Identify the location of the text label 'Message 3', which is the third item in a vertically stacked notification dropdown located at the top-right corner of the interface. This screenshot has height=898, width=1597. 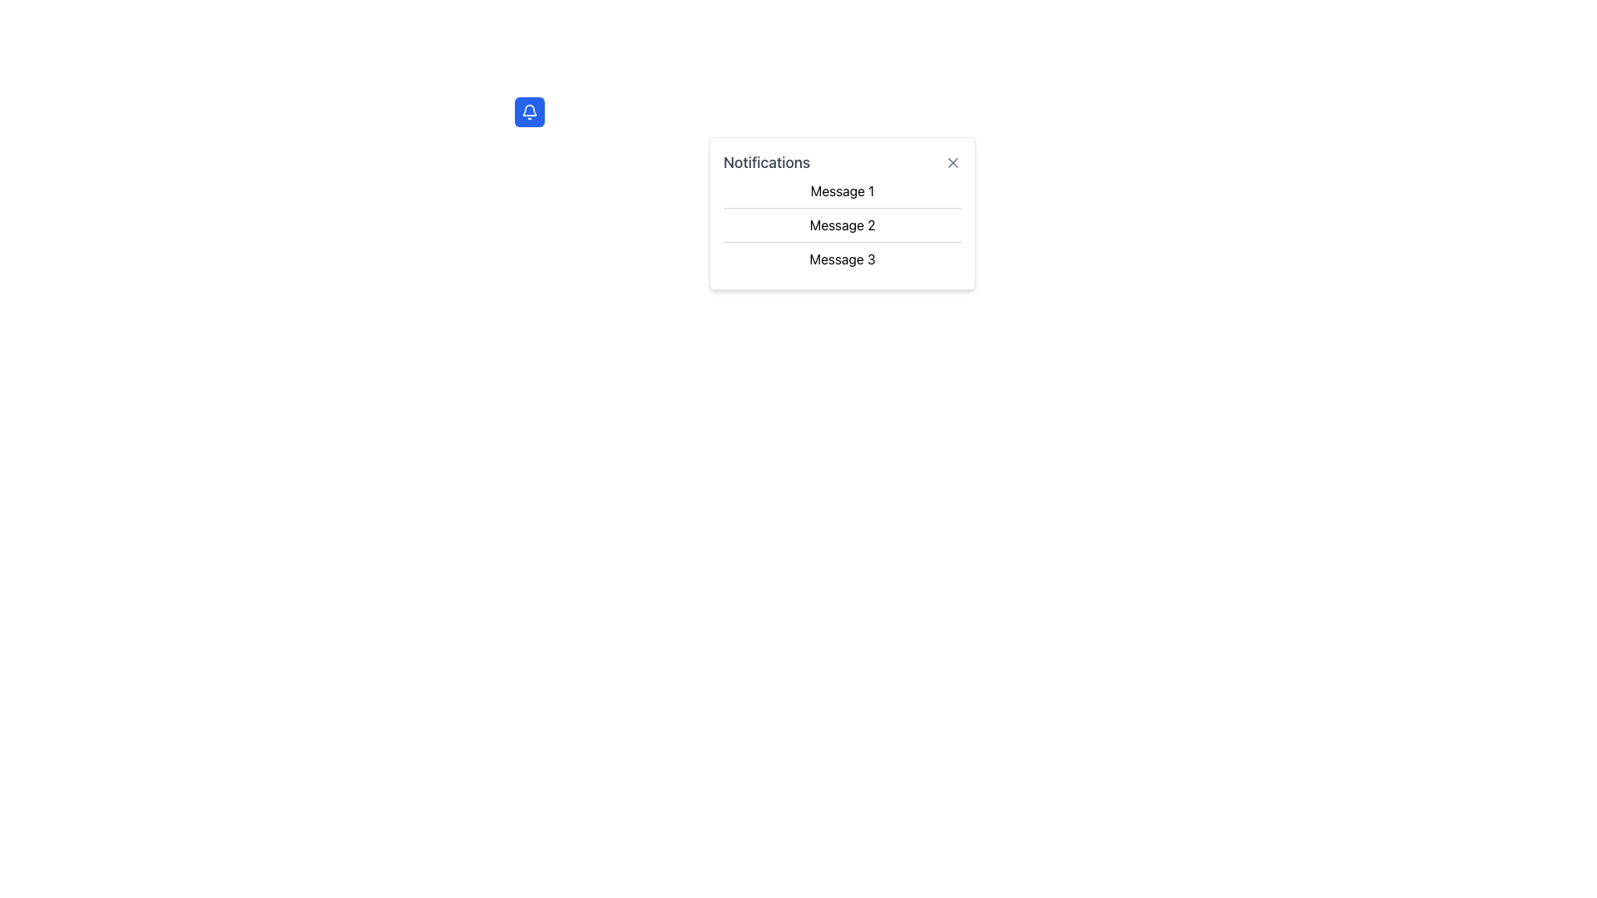
(842, 259).